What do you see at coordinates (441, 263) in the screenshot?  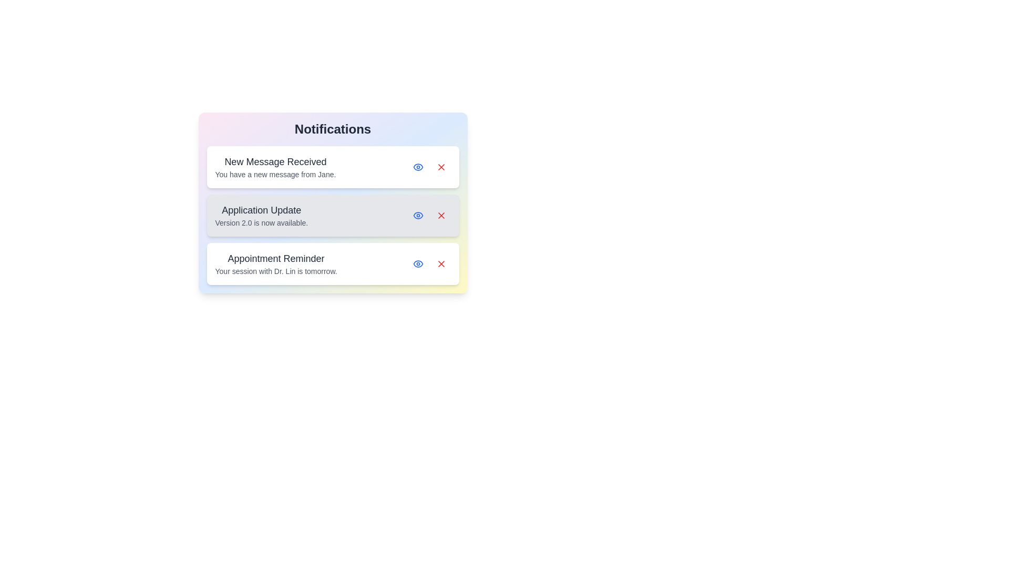 I see `the delete button of the notification titled 'Appointment Reminder'` at bounding box center [441, 263].